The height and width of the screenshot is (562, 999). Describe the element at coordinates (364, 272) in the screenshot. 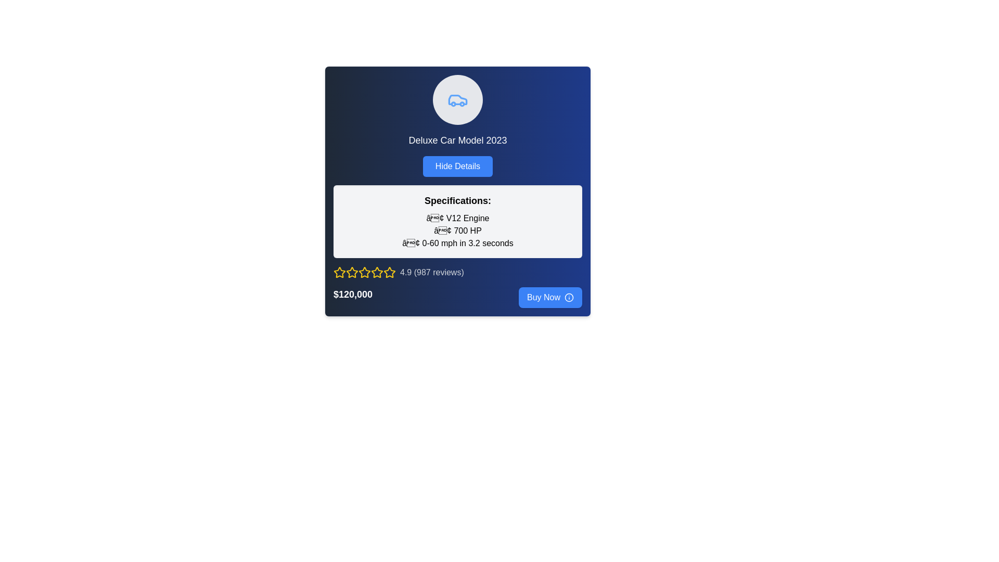

I see `the fifth Rating Star element, which is styled with a border and hollow center, part of a yellow-colored rating system located under the product details` at that location.